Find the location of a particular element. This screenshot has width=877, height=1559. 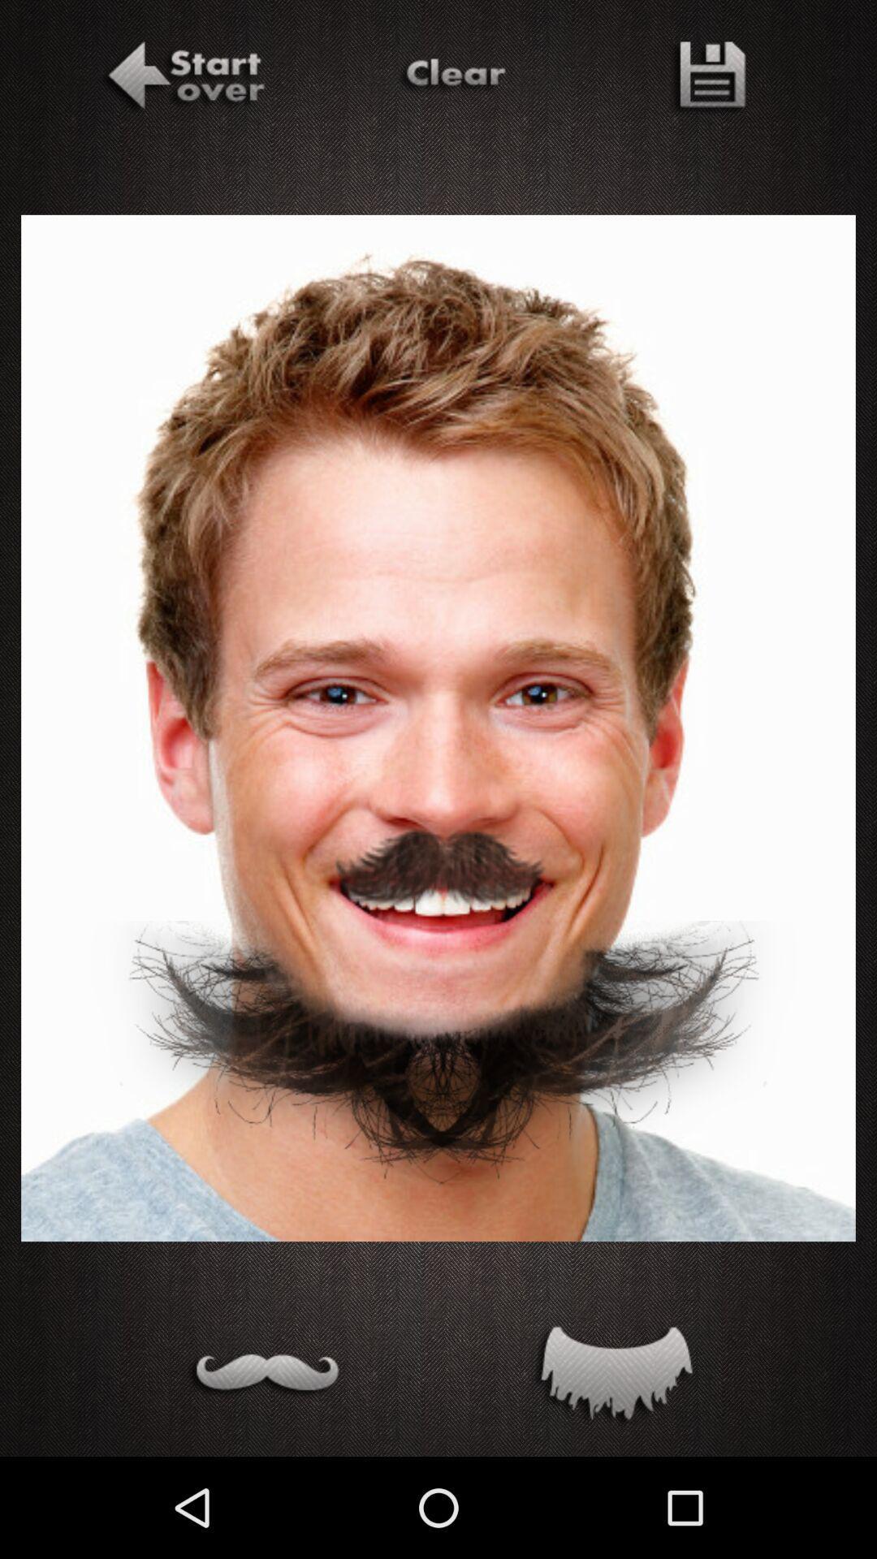

start over adding facial hairs is located at coordinates (183, 78).